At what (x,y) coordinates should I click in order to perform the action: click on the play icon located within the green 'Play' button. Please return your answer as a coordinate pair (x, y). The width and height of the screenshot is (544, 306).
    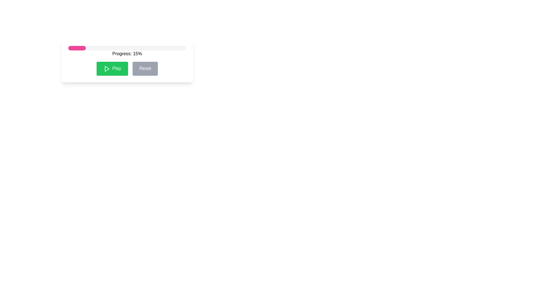
    Looking at the image, I should click on (107, 68).